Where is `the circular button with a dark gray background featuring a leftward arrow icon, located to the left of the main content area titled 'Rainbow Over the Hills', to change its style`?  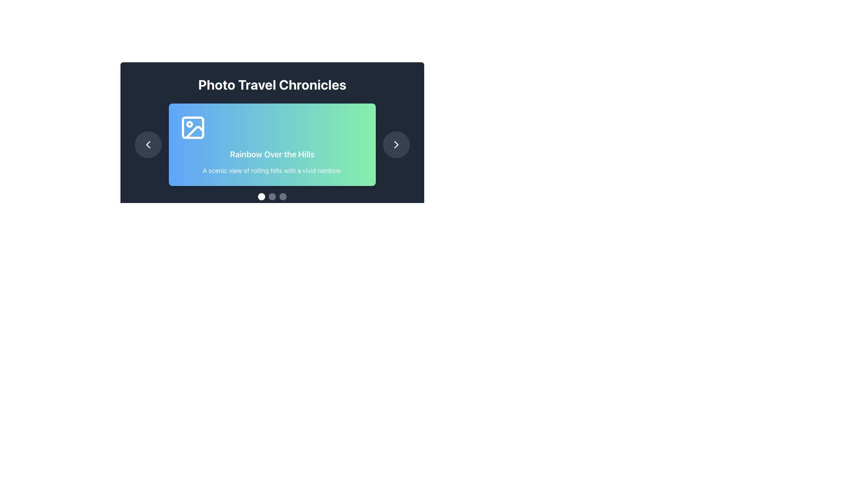 the circular button with a dark gray background featuring a leftward arrow icon, located to the left of the main content area titled 'Rainbow Over the Hills', to change its style is located at coordinates (148, 144).